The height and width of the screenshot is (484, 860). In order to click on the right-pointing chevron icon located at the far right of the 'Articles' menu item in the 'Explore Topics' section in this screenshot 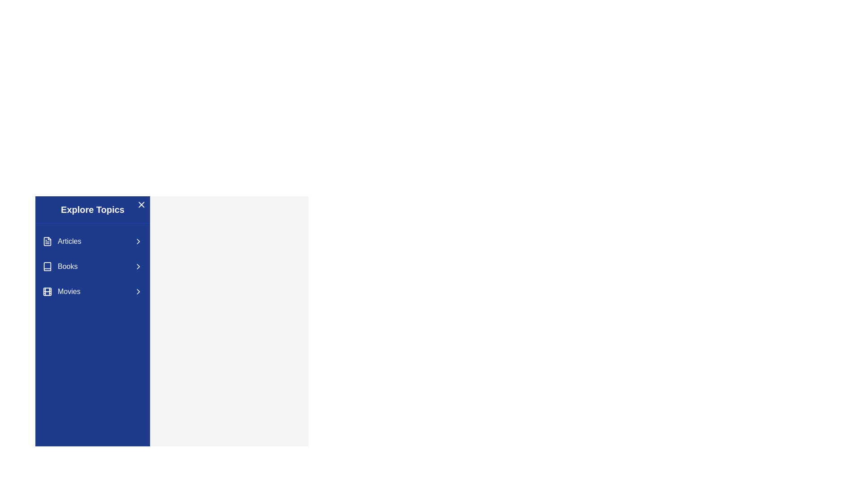, I will do `click(138, 241)`.